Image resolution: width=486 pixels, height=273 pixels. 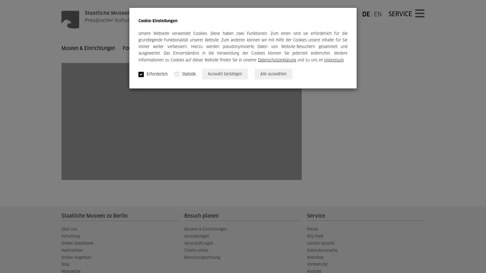 What do you see at coordinates (225, 74) in the screenshot?
I see `Auswahl bestatigen` at bounding box center [225, 74].